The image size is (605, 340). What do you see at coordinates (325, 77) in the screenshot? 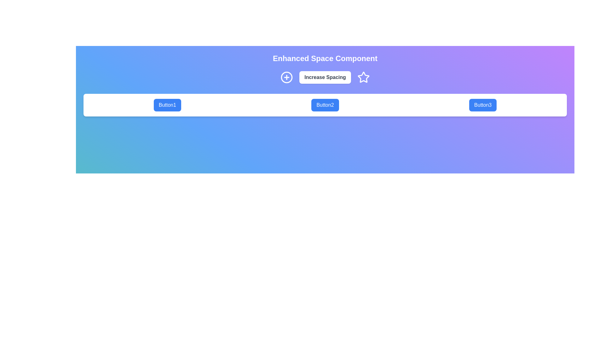
I see `the 'Increase Spacing' button, which is styled with a white background and gray bold text, located centrally in a row of elements near the top of the interface` at bounding box center [325, 77].